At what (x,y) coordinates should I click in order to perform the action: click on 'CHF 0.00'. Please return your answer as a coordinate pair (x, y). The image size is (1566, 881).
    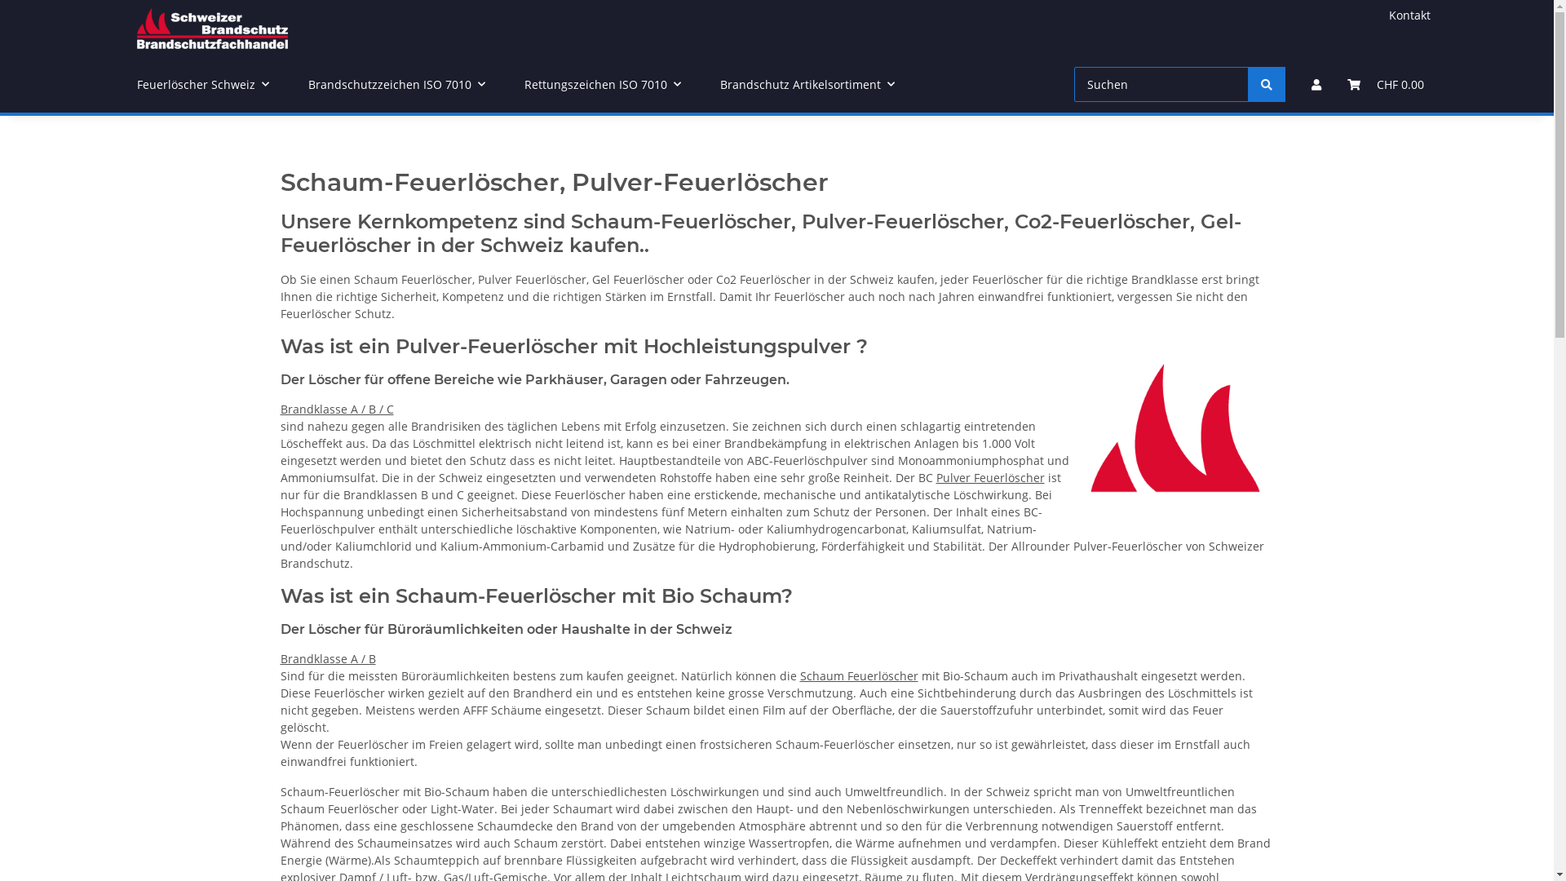
    Looking at the image, I should click on (1385, 84).